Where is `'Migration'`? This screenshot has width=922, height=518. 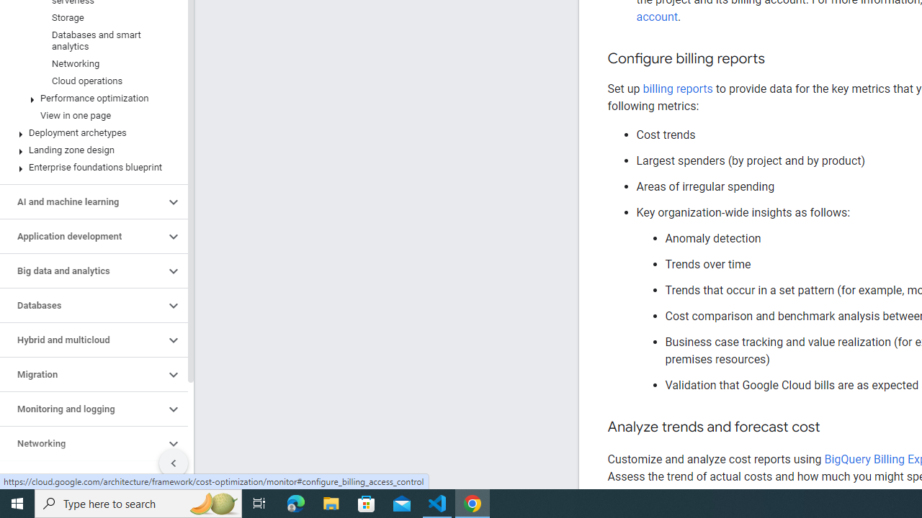 'Migration' is located at coordinates (81, 373).